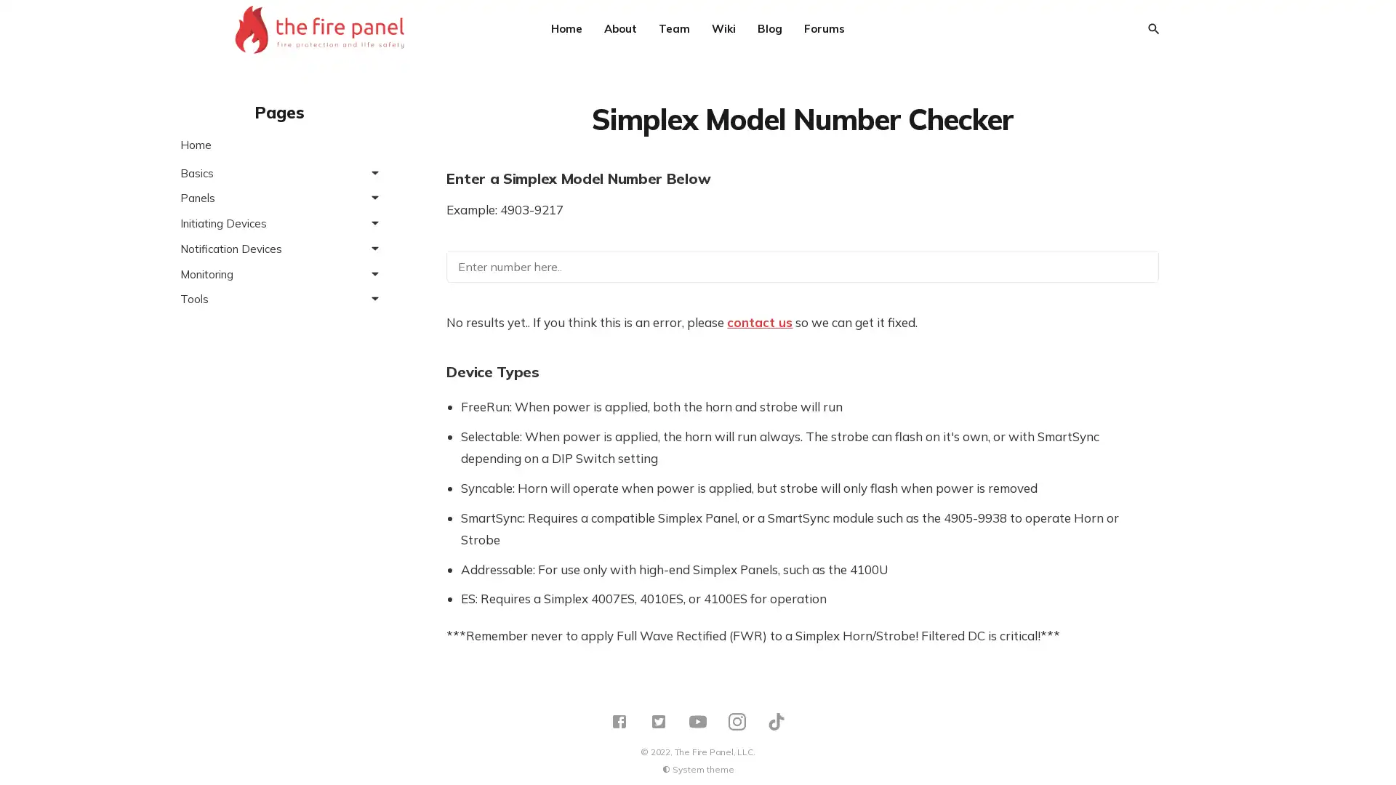 The image size is (1396, 785). I want to click on Tools, so click(279, 298).